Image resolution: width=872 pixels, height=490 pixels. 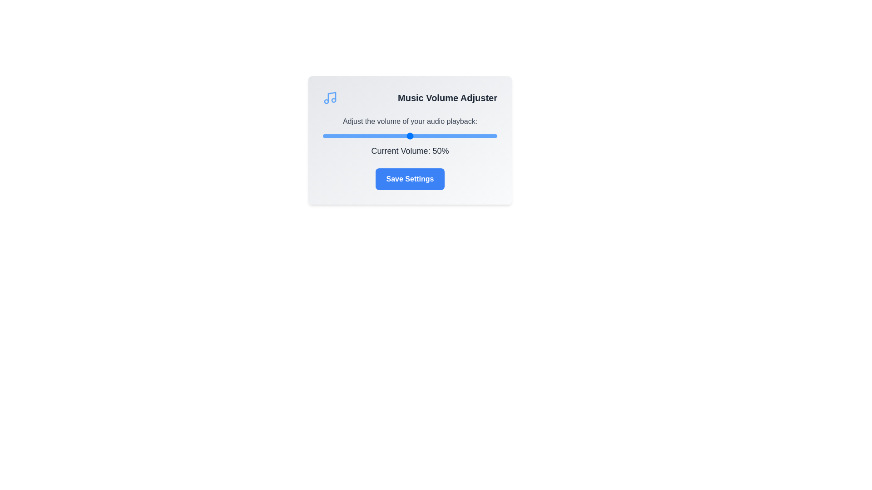 I want to click on the 'Save Settings' button to save the current volume settings, so click(x=409, y=179).